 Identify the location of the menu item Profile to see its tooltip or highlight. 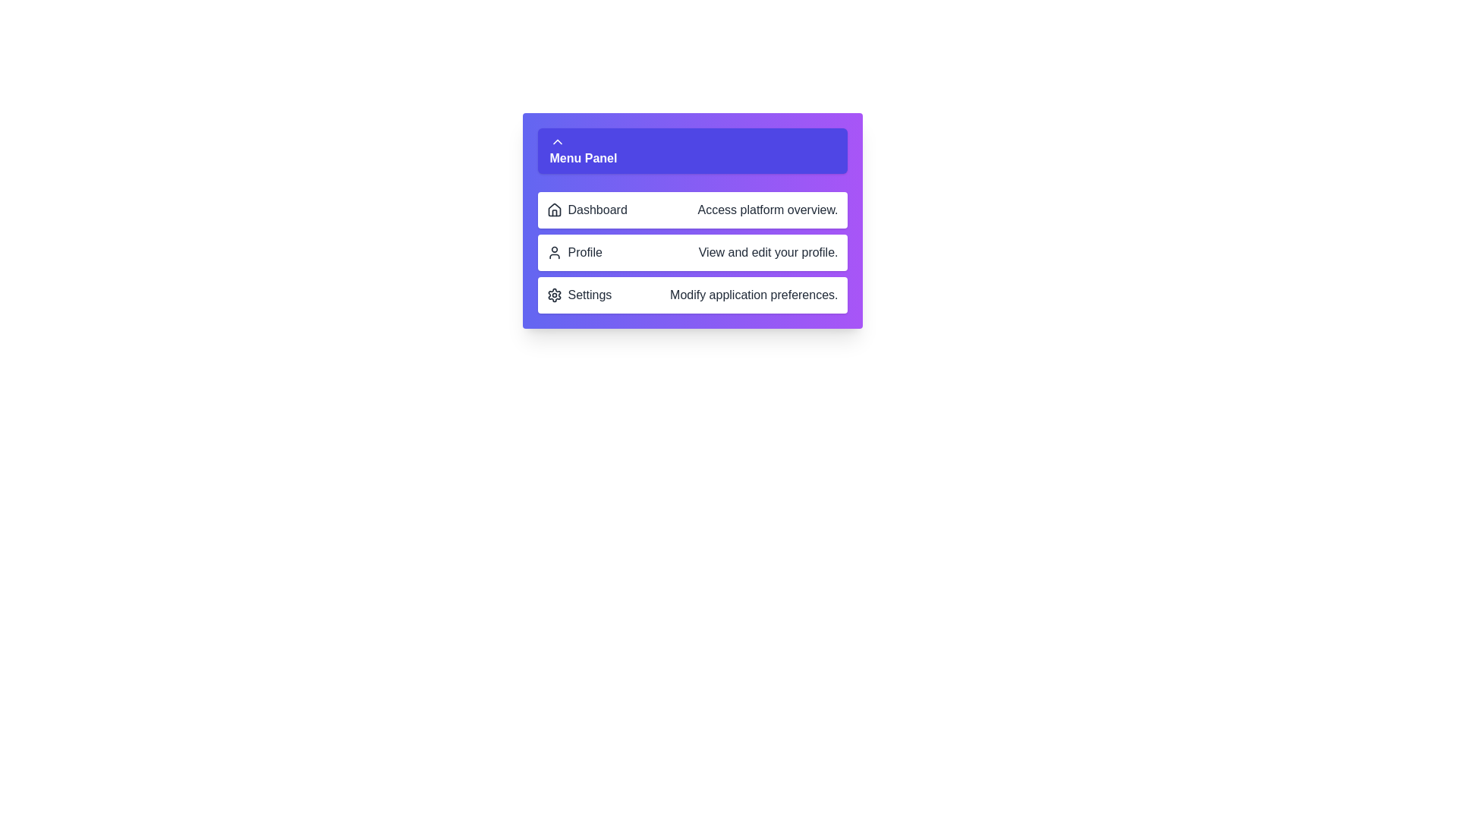
(691, 251).